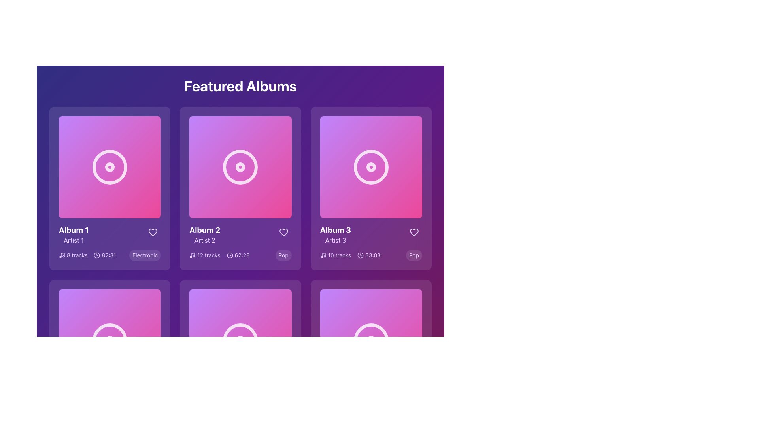  What do you see at coordinates (240, 167) in the screenshot?
I see `the album icon representing 'Album 2' by 'Artist 2'` at bounding box center [240, 167].